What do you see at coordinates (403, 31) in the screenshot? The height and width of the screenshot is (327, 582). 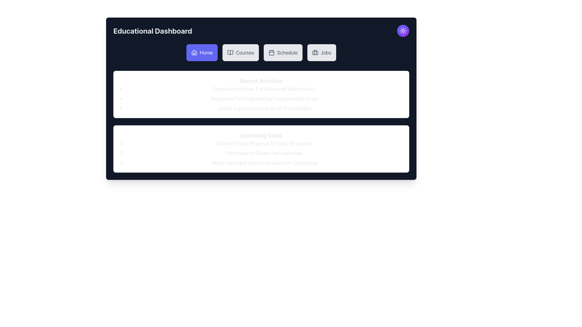 I see `the light settings icon located in the top-right corner of the interface, which is part of a circular button with a gradient background` at bounding box center [403, 31].